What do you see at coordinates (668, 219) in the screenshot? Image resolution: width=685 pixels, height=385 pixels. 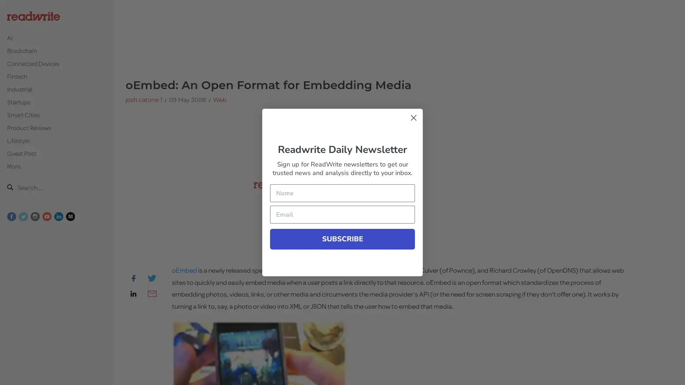 I see `Close form` at bounding box center [668, 219].